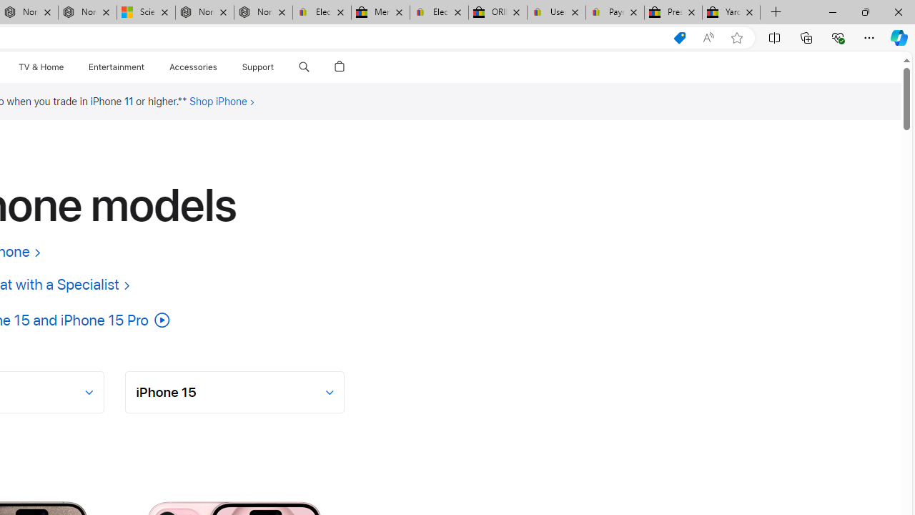  Describe the element at coordinates (339, 67) in the screenshot. I see `'Shopping Bag'` at that location.